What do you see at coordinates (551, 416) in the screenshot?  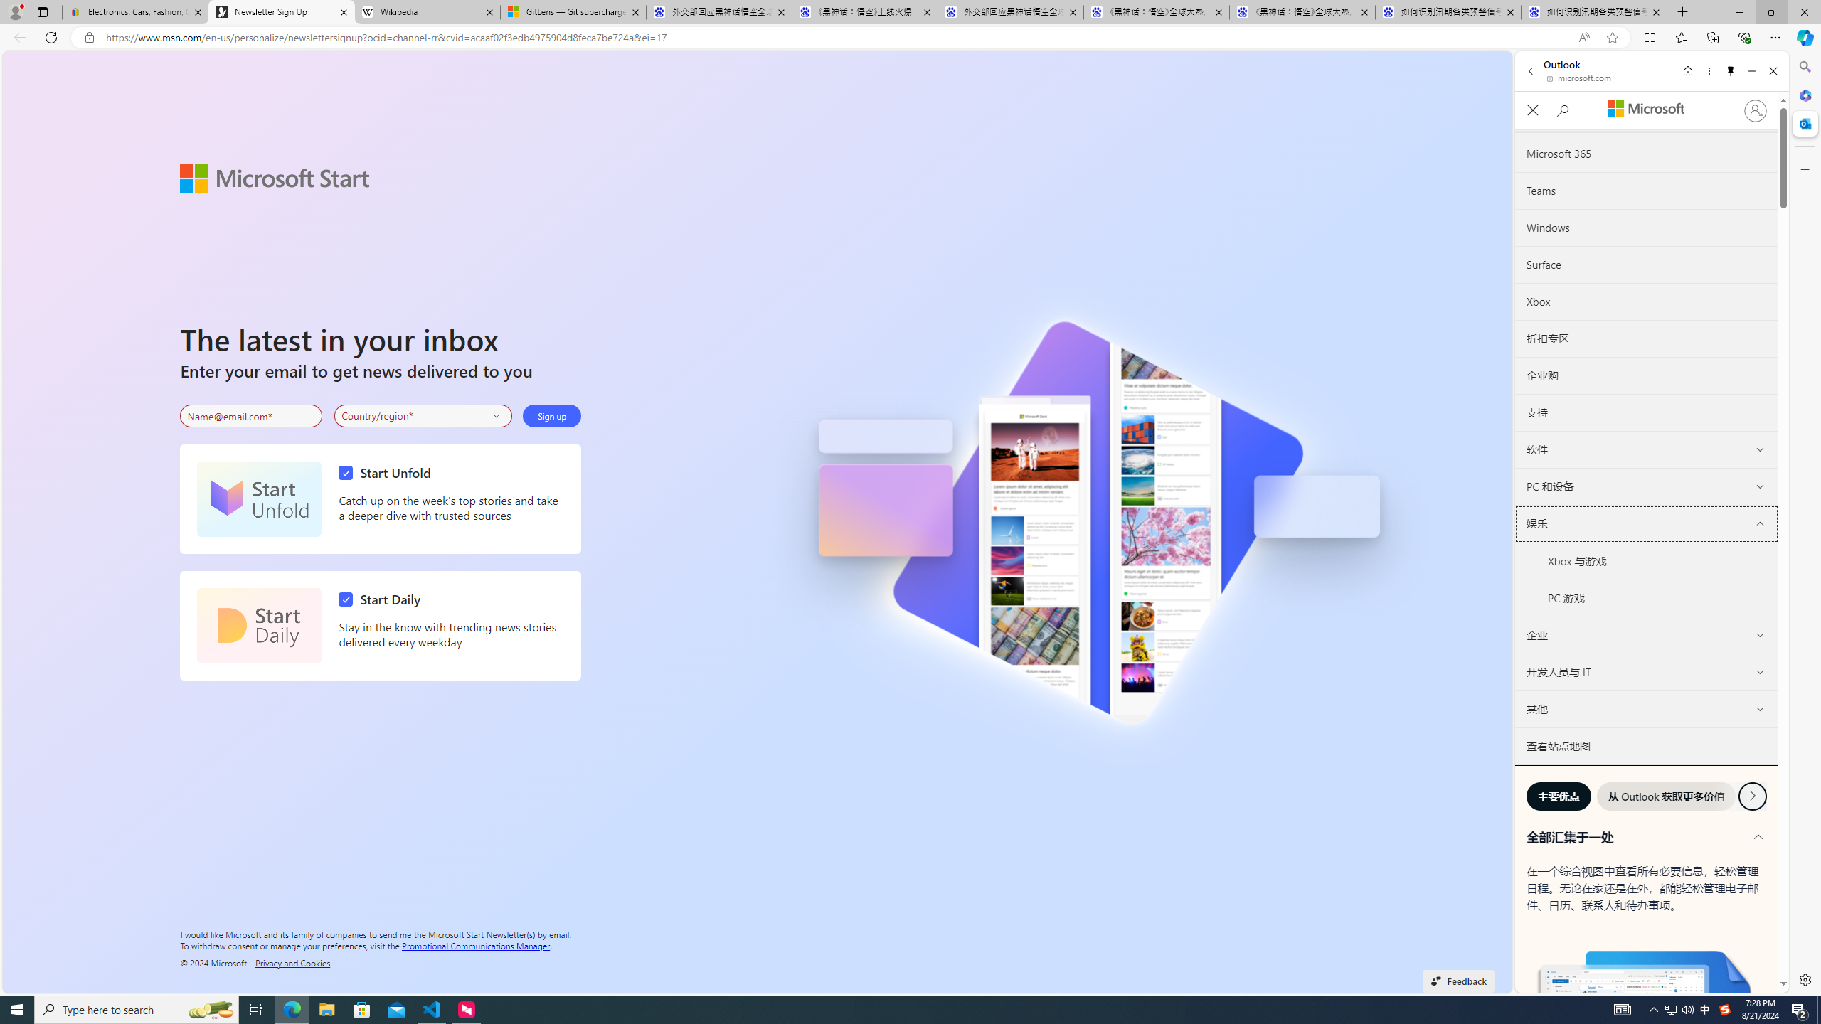 I see `'Sign up'` at bounding box center [551, 416].